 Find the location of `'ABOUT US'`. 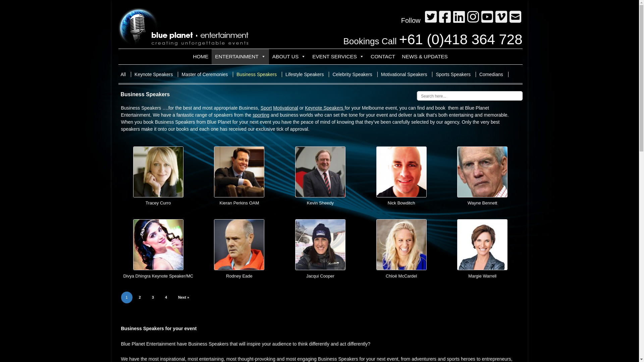

'ABOUT US' is located at coordinates (289, 56).